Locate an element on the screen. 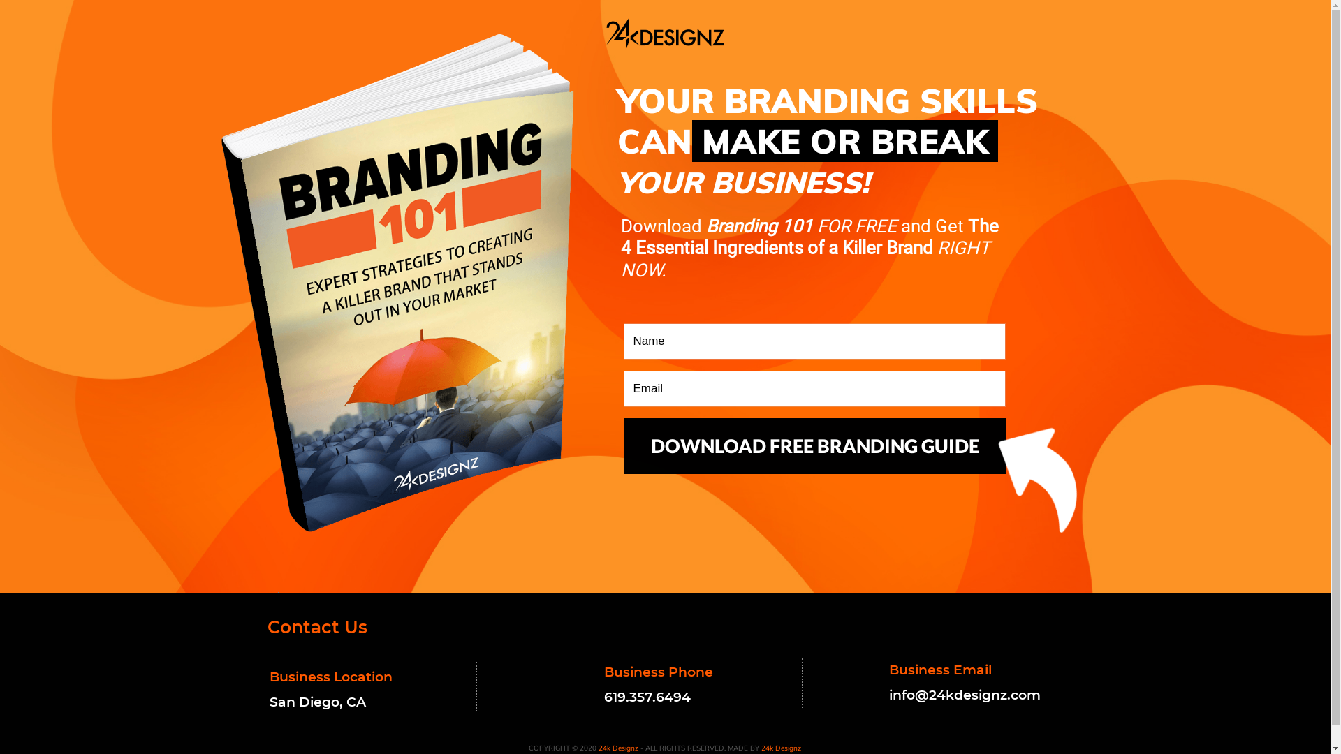  'DOWNLOAD FREE BRANDING GUIDE' is located at coordinates (814, 446).